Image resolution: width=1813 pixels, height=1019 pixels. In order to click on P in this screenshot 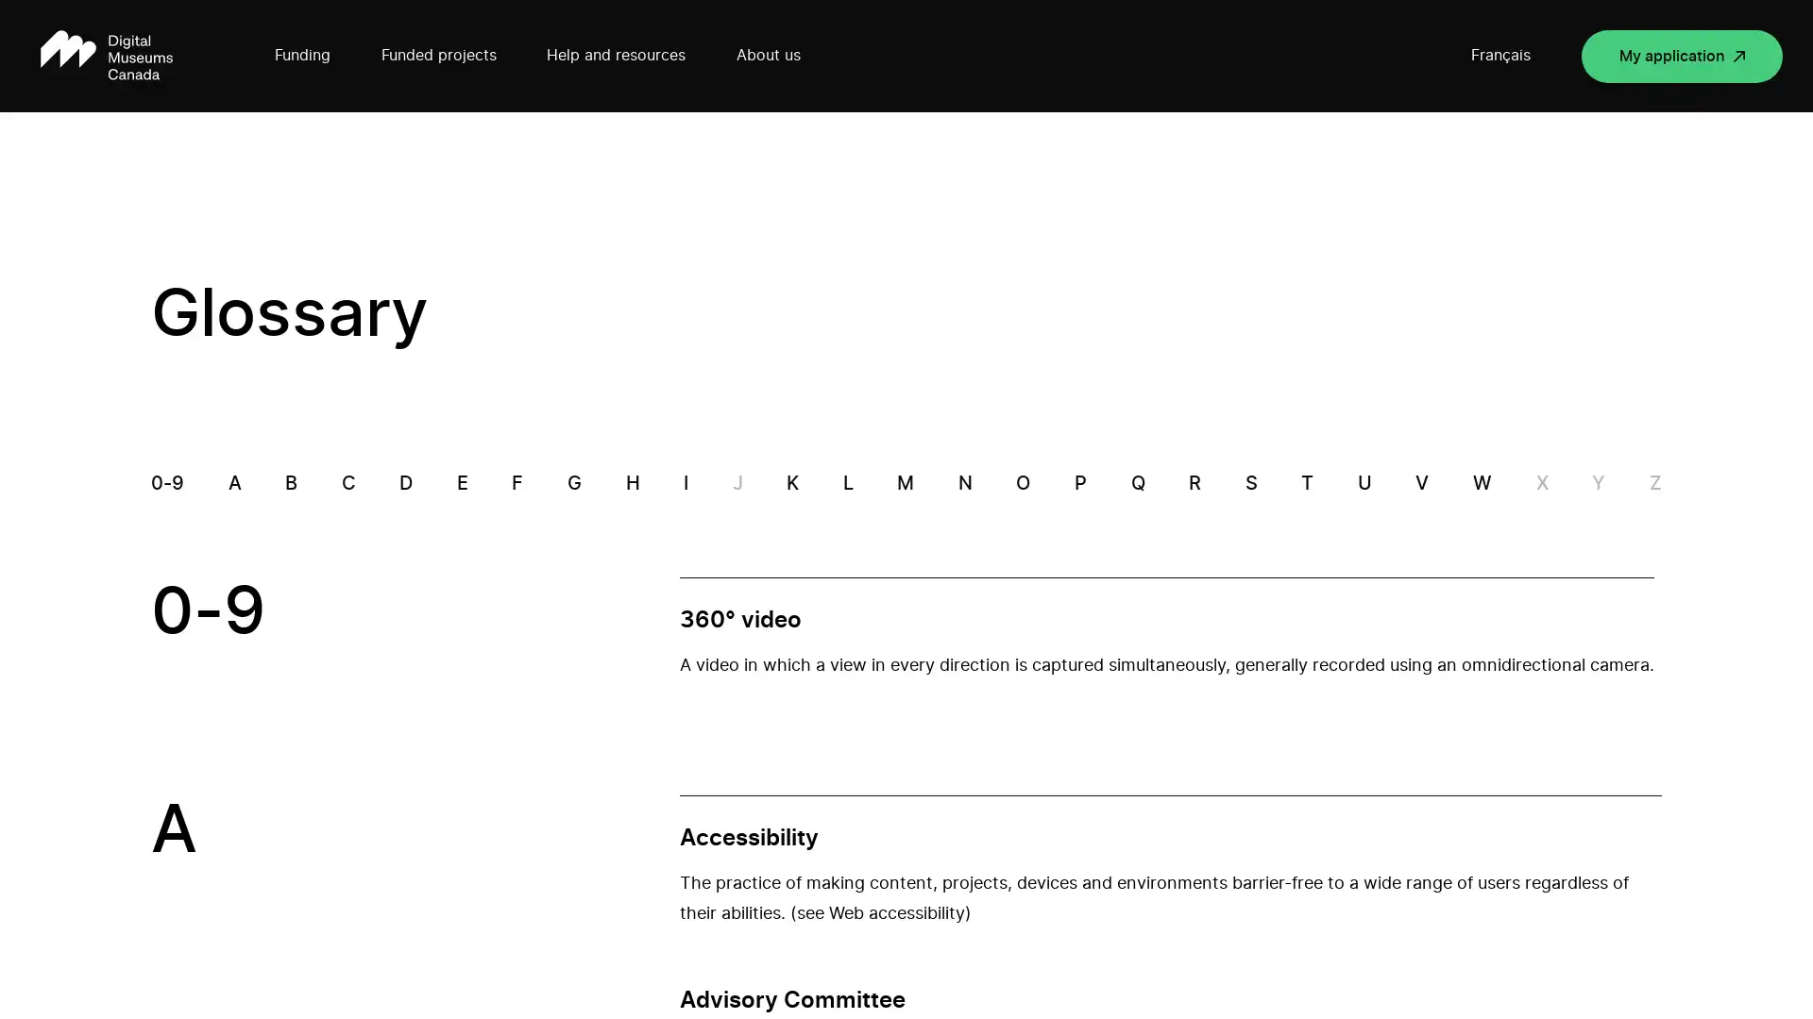, I will do `click(1080, 483)`.